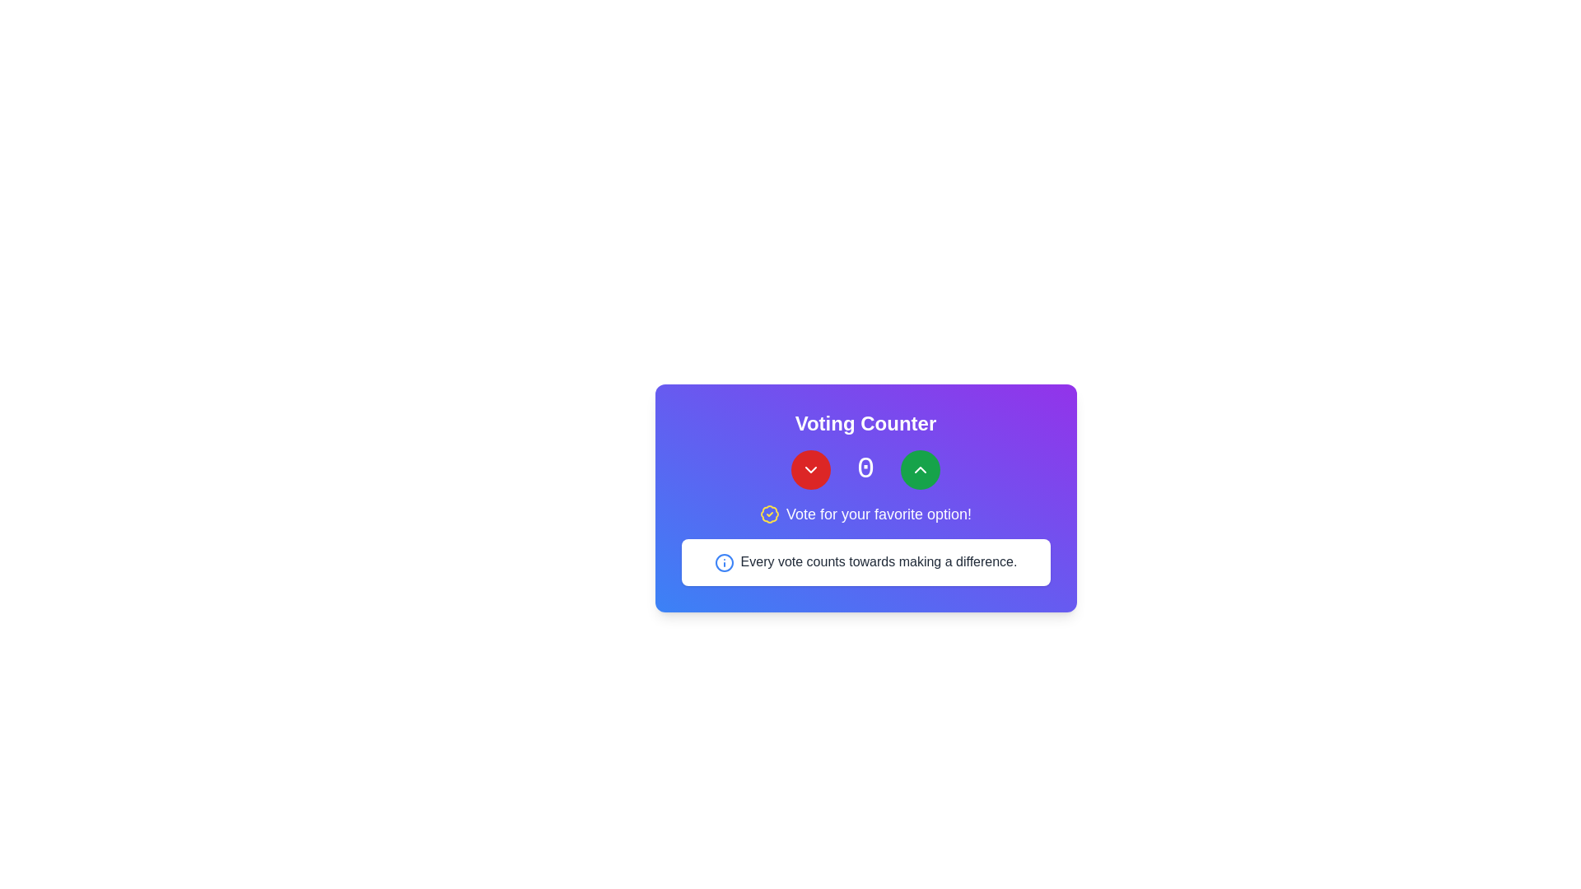 The width and height of the screenshot is (1581, 889). I want to click on the downward-pointing chevron icon inside the red circular button located to the left of the numeric counter and the green upward-pointing chevron button, so click(810, 469).